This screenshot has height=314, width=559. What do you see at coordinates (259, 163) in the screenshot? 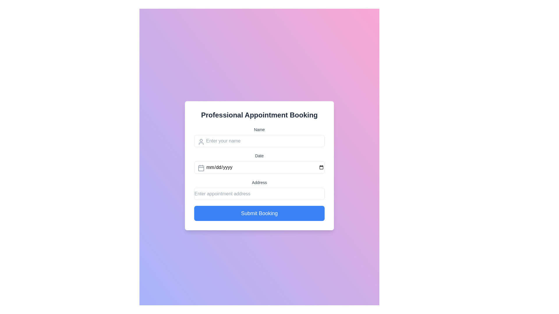
I see `the date input field labeled 'Date' to activate input mode` at bounding box center [259, 163].